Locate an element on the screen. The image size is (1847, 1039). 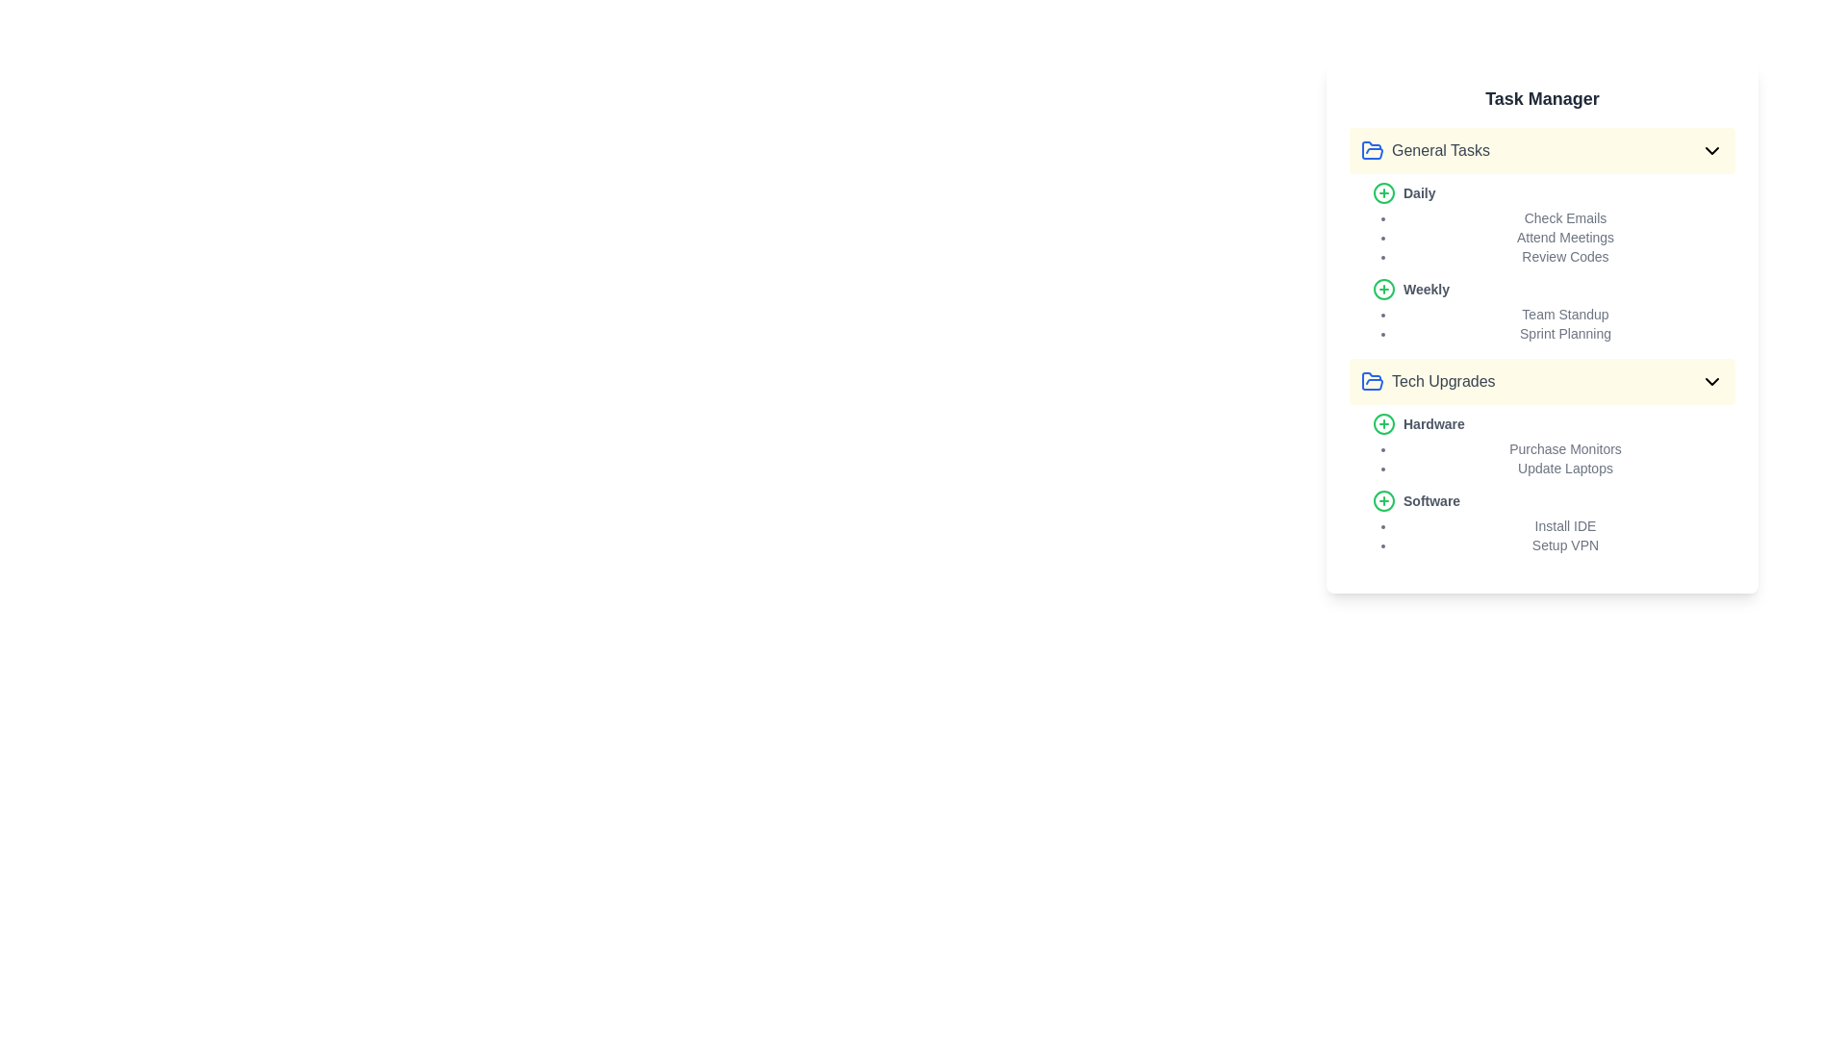
the 'Setup VPN' text label in the bulleted list under the 'Software' section, which is the second item following 'Install IDE' is located at coordinates (1565, 545).